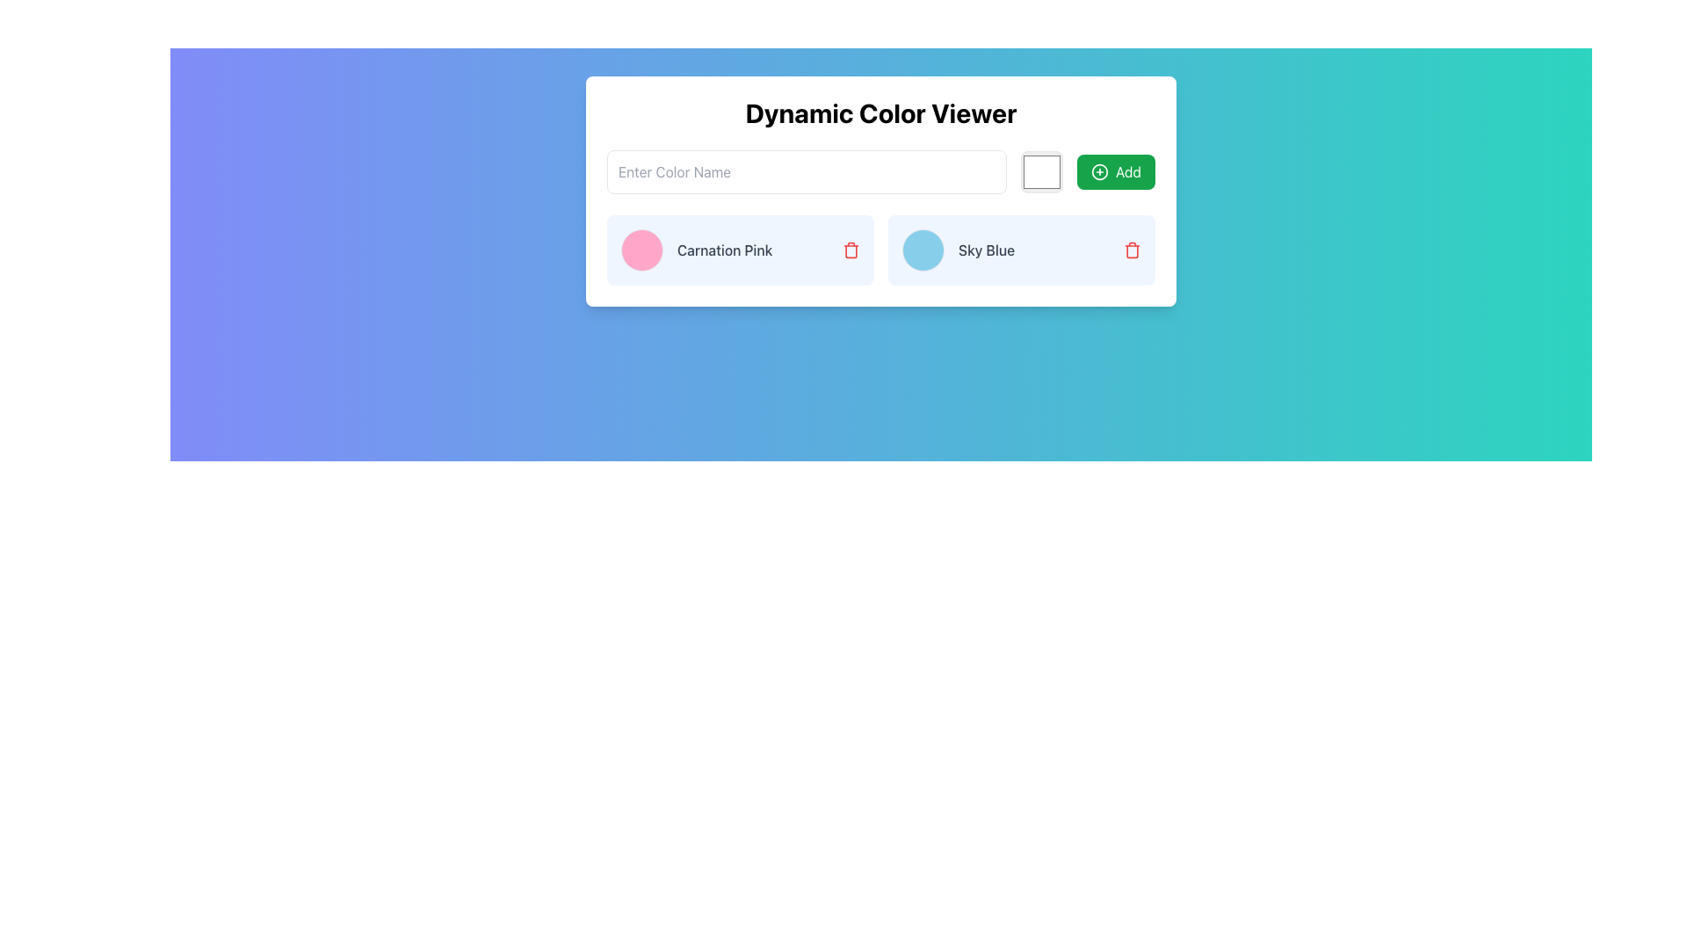 The height and width of the screenshot is (949, 1687). What do you see at coordinates (1099, 172) in the screenshot?
I see `the circular outline element that is part of a circular plus sign icon, located to the right of the 'Enter Color Name' input box and adjacent to the green 'Add' button` at bounding box center [1099, 172].